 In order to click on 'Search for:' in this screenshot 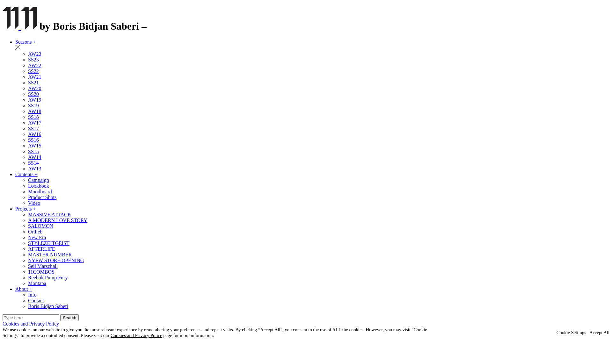, I will do `click(3, 318)`.